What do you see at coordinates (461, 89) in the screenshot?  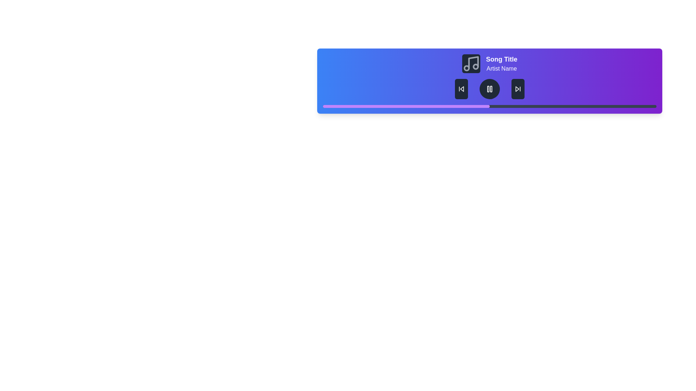 I see `the skip-backward button, which is styled with a dark background and white iconography, located to the left of the play/pause button in the audio player interface` at bounding box center [461, 89].